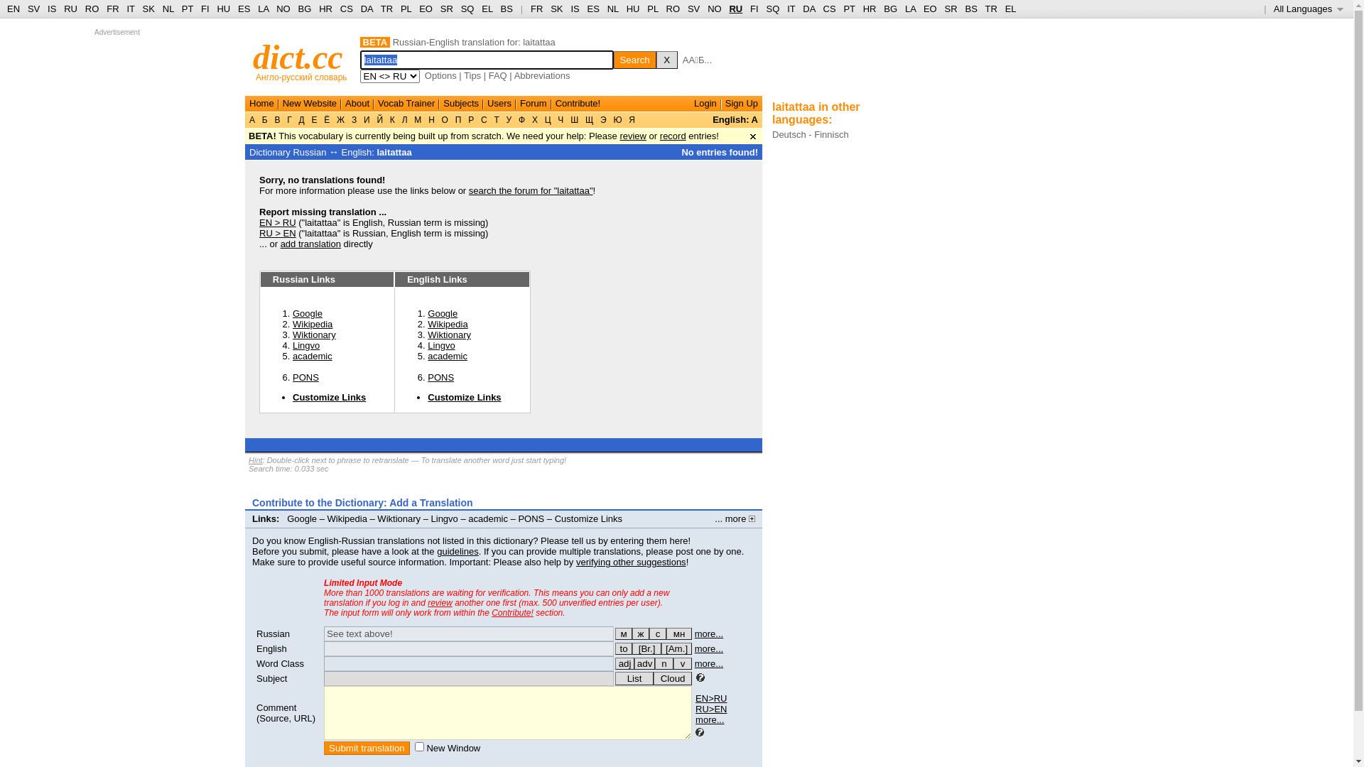  I want to click on 'PONS', so click(305, 376).